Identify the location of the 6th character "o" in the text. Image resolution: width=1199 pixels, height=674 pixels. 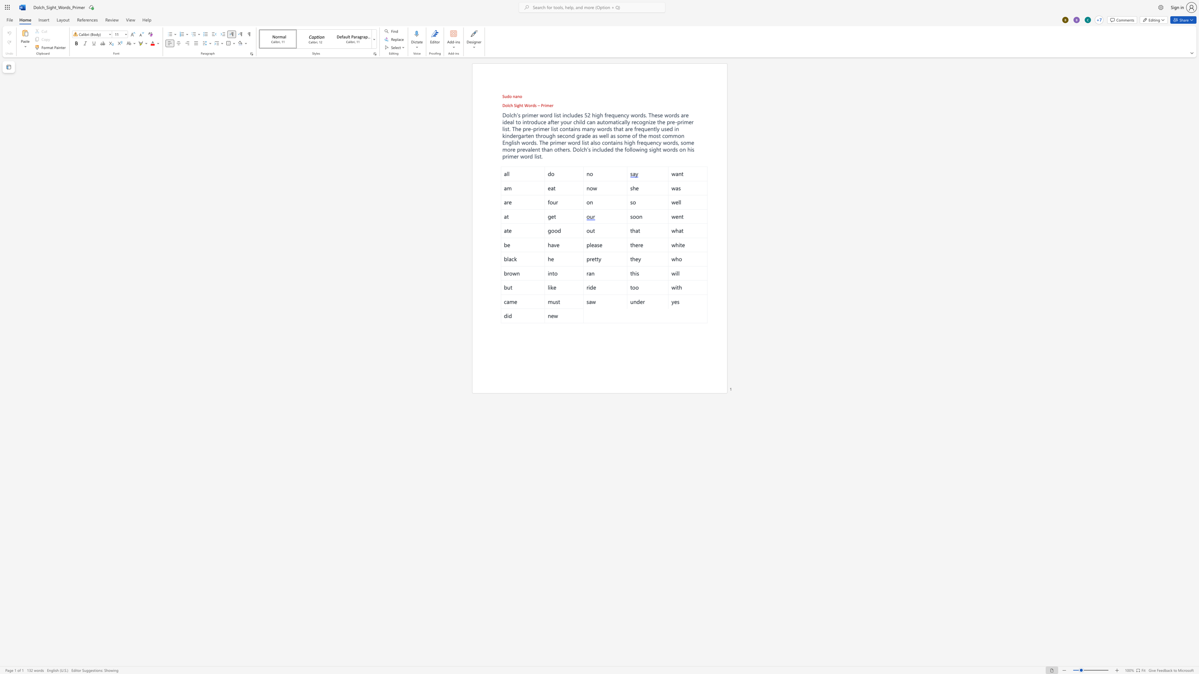
(532, 122).